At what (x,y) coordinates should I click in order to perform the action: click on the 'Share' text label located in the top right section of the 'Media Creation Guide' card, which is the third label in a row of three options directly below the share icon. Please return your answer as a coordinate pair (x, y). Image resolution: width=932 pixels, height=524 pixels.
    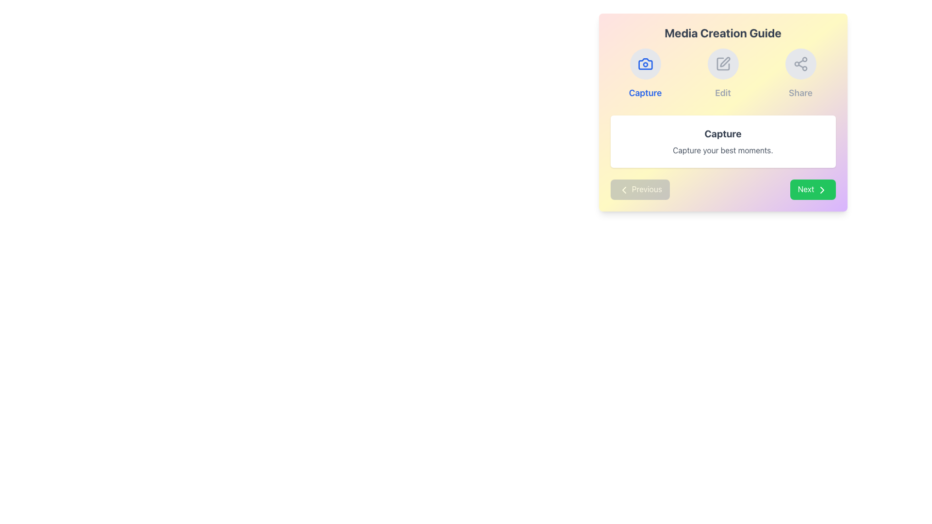
    Looking at the image, I should click on (800, 93).